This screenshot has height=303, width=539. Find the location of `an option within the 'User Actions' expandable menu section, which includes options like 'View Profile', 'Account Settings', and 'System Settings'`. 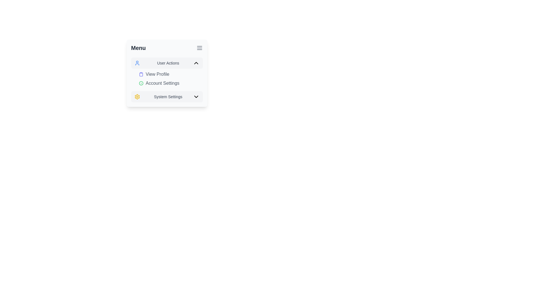

an option within the 'User Actions' expandable menu section, which includes options like 'View Profile', 'Account Settings', and 'System Settings' is located at coordinates (167, 80).